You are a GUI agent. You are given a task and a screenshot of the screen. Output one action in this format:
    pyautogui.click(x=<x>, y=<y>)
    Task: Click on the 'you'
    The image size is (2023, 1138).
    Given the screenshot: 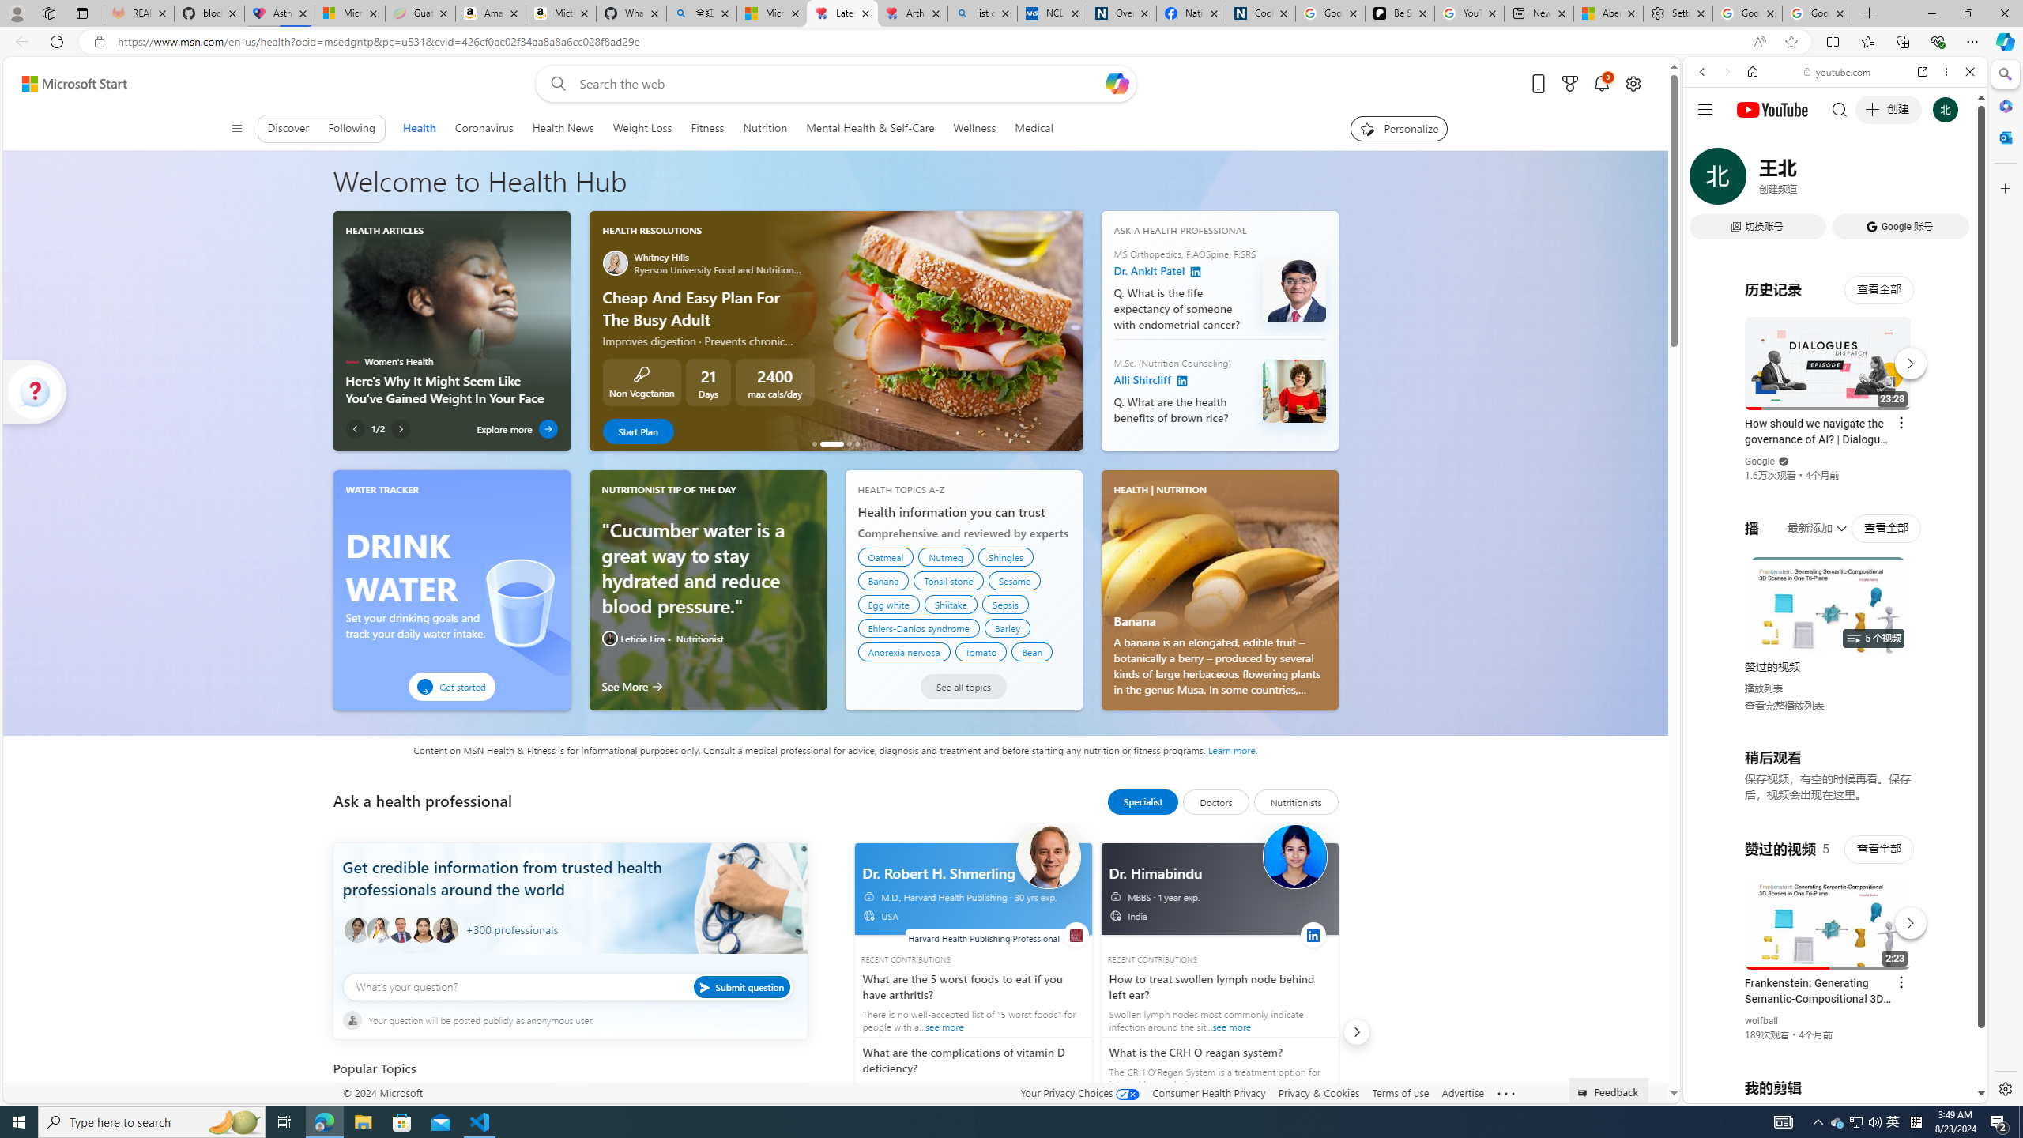 What is the action you would take?
    pyautogui.click(x=1829, y=1049)
    